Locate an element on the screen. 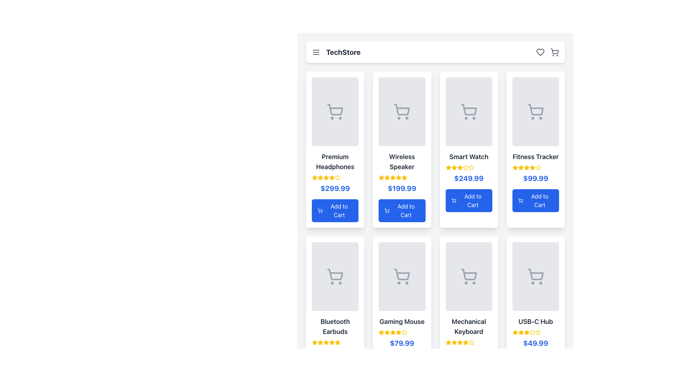 The image size is (689, 387). the fourth rating star icon for the 'Mechanical Keyboard' product, which visually represents a portion of the rating score is located at coordinates (460, 342).